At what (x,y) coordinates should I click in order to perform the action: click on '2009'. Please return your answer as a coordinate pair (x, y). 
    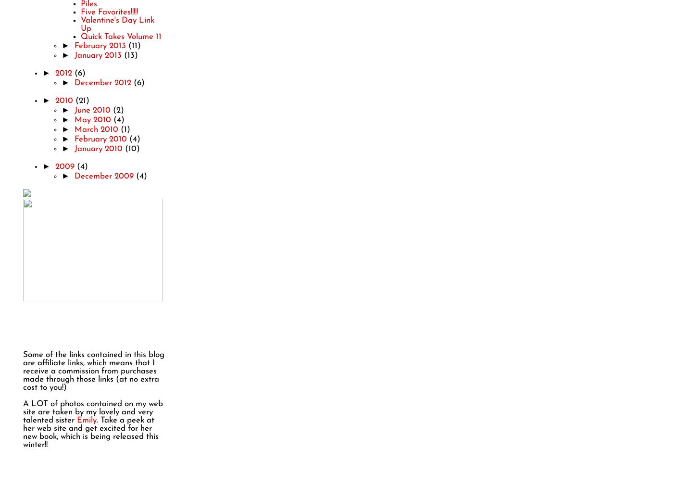
    Looking at the image, I should click on (65, 166).